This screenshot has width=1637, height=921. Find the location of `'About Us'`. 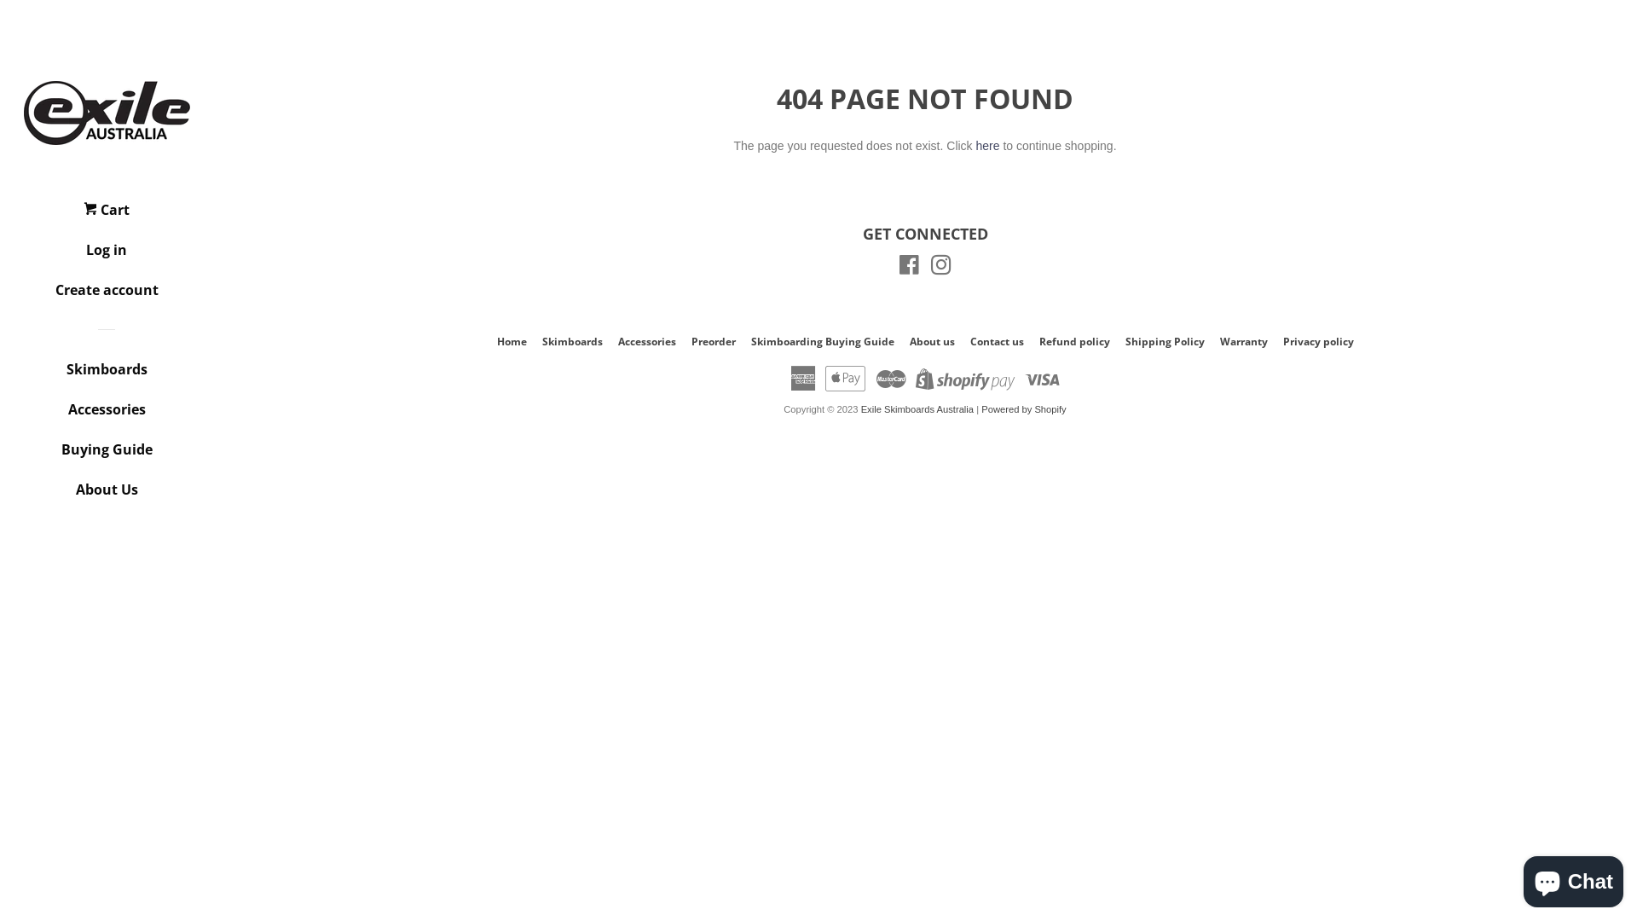

'About Us' is located at coordinates (38, 495).